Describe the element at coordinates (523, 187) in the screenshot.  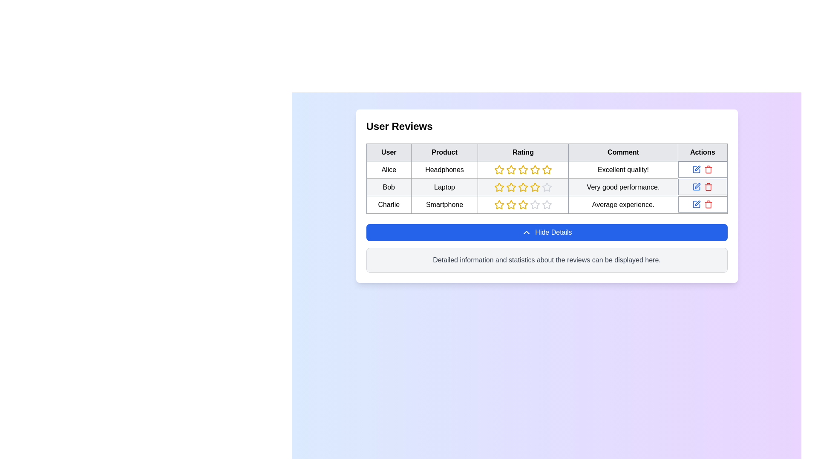
I see `the third yellow rating star in the 'Rating' column of the user reviews table to modify the rating` at that location.